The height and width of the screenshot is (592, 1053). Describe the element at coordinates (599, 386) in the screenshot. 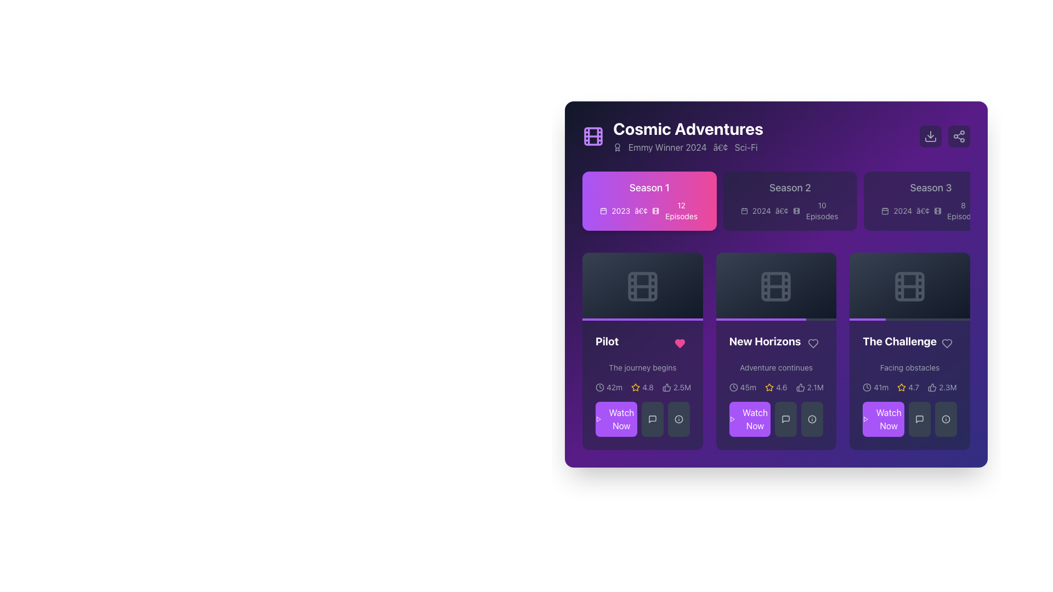

I see `the time-related icon located to the left of the '42m' time label in the 'Pilot' content card` at that location.